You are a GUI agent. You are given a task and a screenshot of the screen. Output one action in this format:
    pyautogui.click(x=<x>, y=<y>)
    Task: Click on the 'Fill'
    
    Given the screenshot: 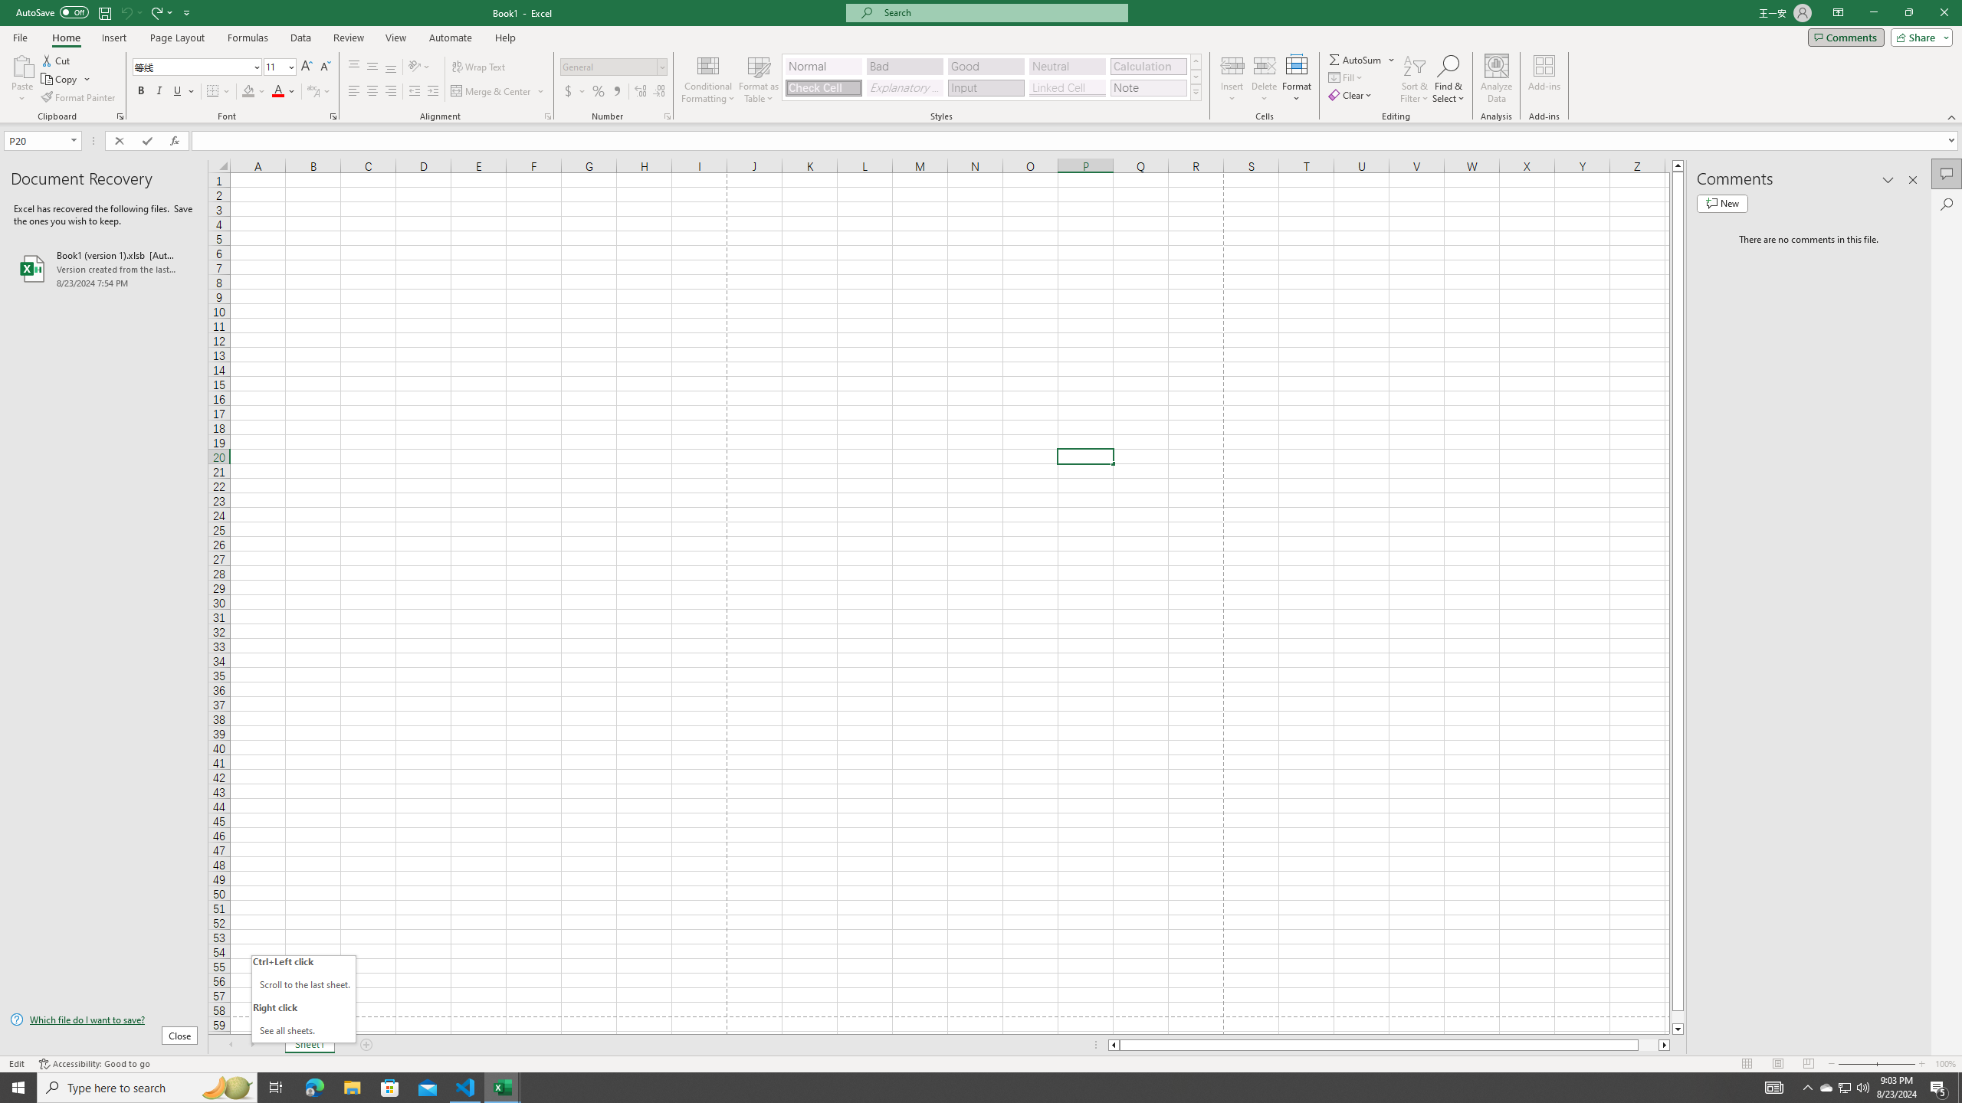 What is the action you would take?
    pyautogui.click(x=1346, y=76)
    